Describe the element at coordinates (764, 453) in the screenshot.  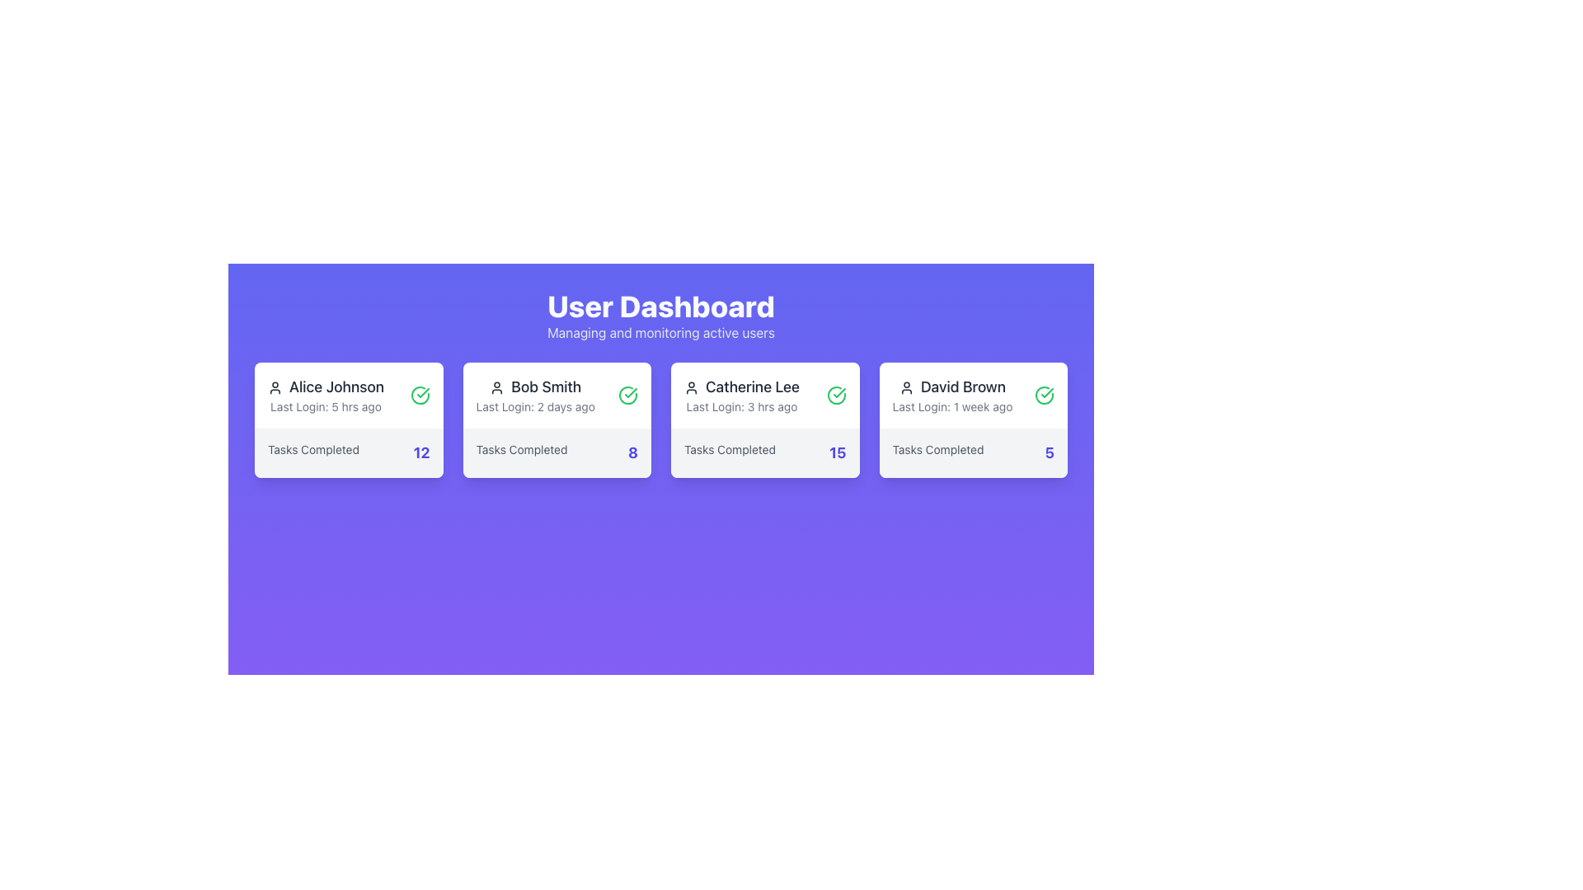
I see `the text display that shows the number of tasks completed for the user 'Catherine Lee', located in the bottom portion of the card labeled 'Catherine Lee'` at that location.